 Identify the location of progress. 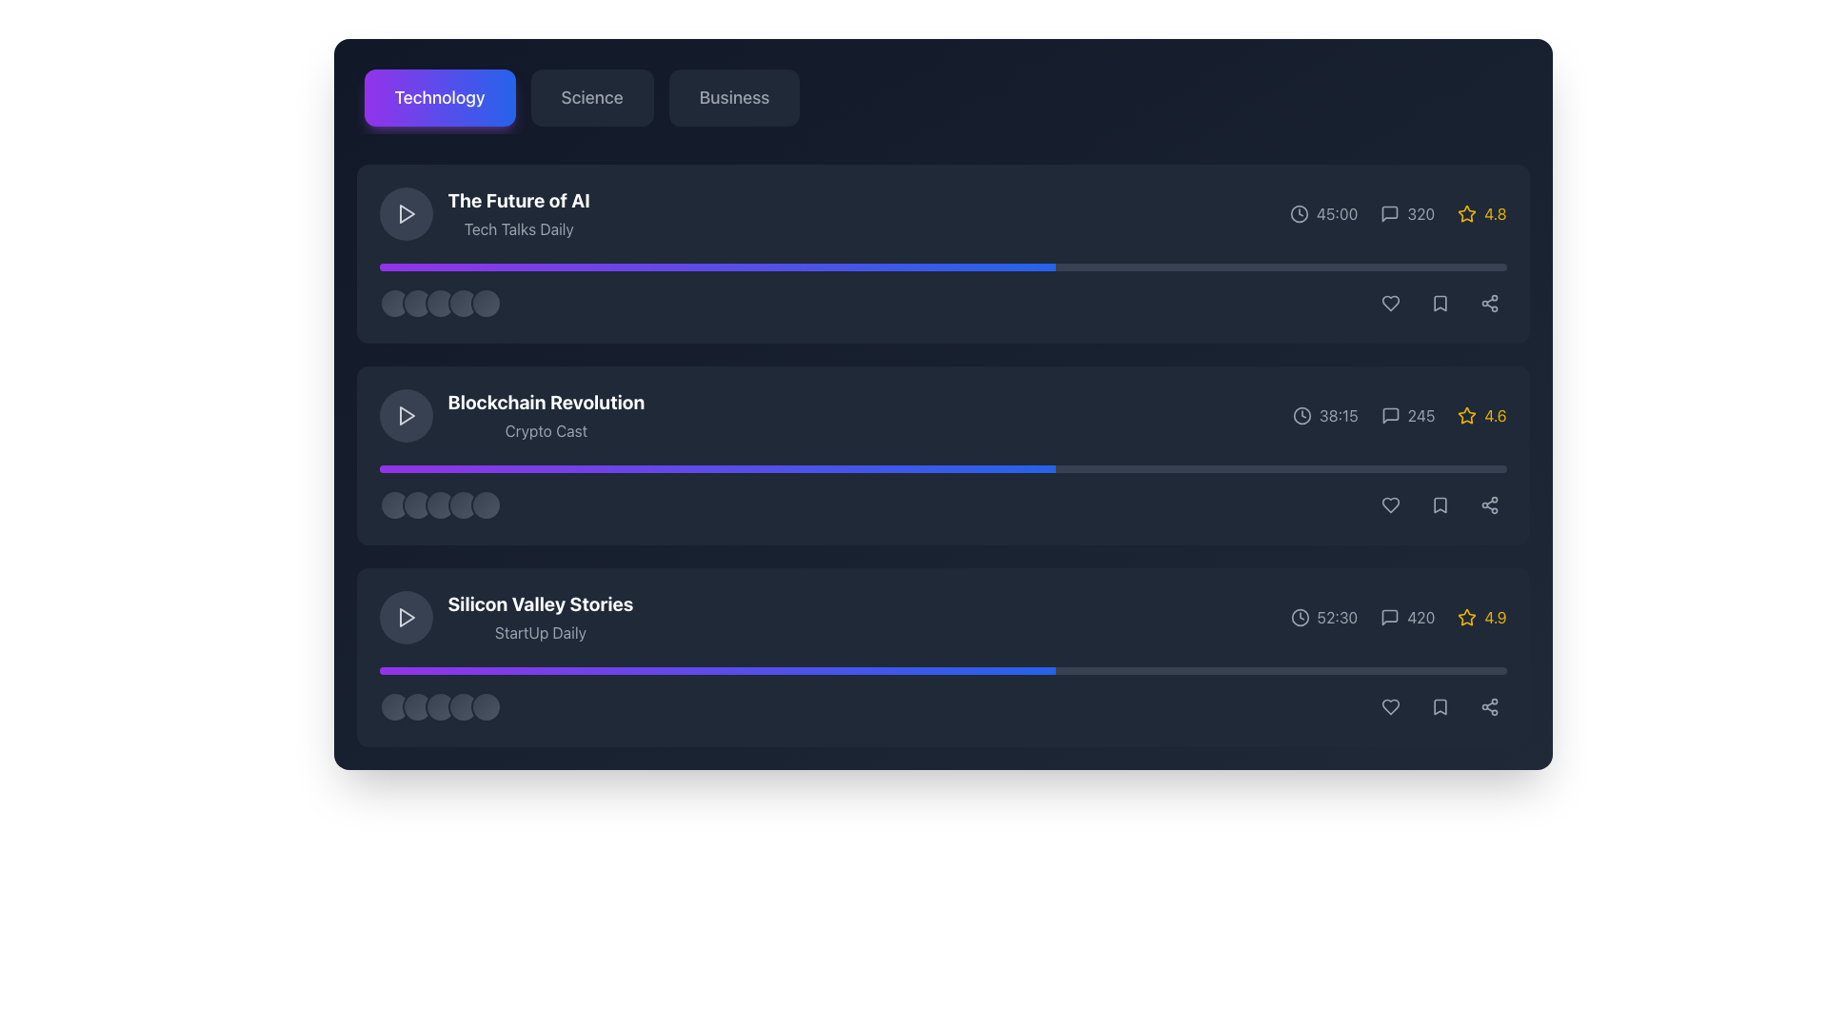
(561, 469).